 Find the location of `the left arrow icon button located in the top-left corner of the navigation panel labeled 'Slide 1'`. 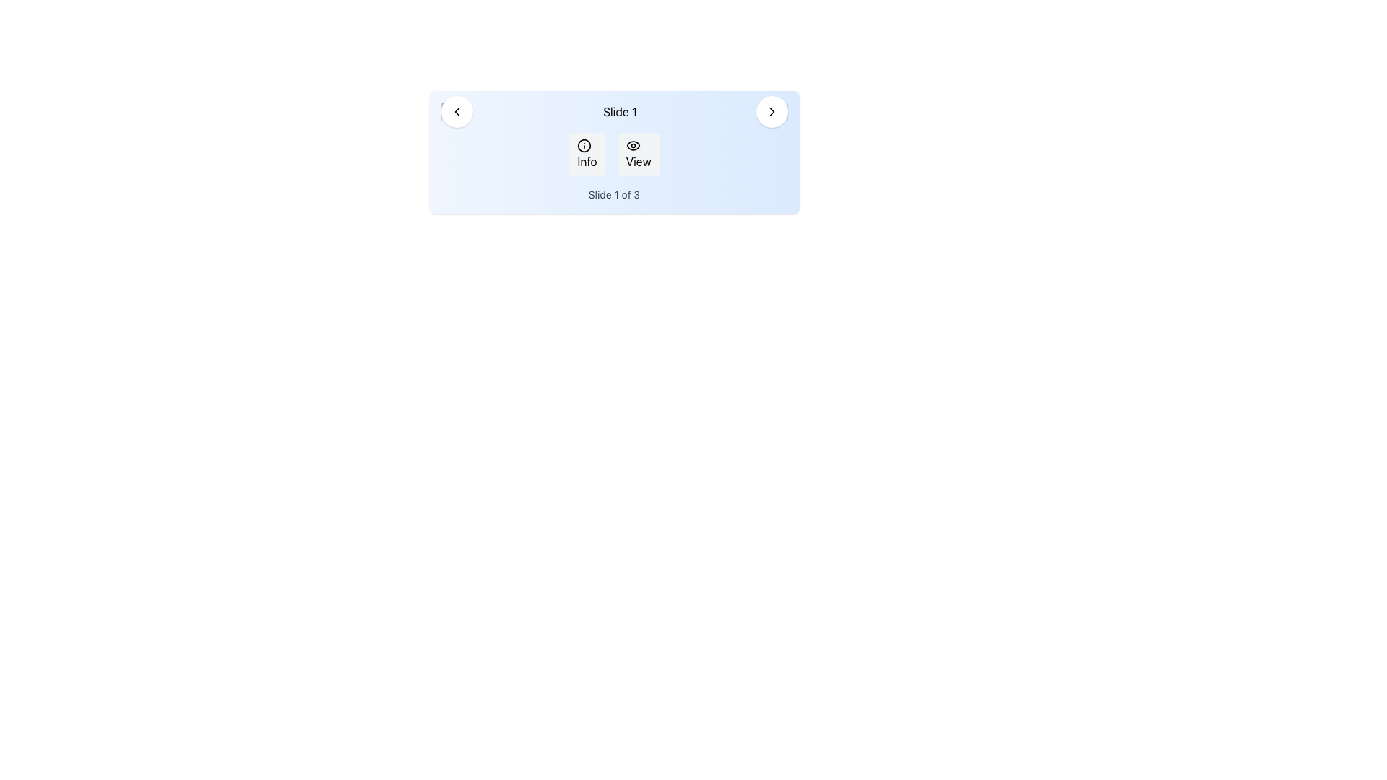

the left arrow icon button located in the top-left corner of the navigation panel labeled 'Slide 1' is located at coordinates (456, 110).